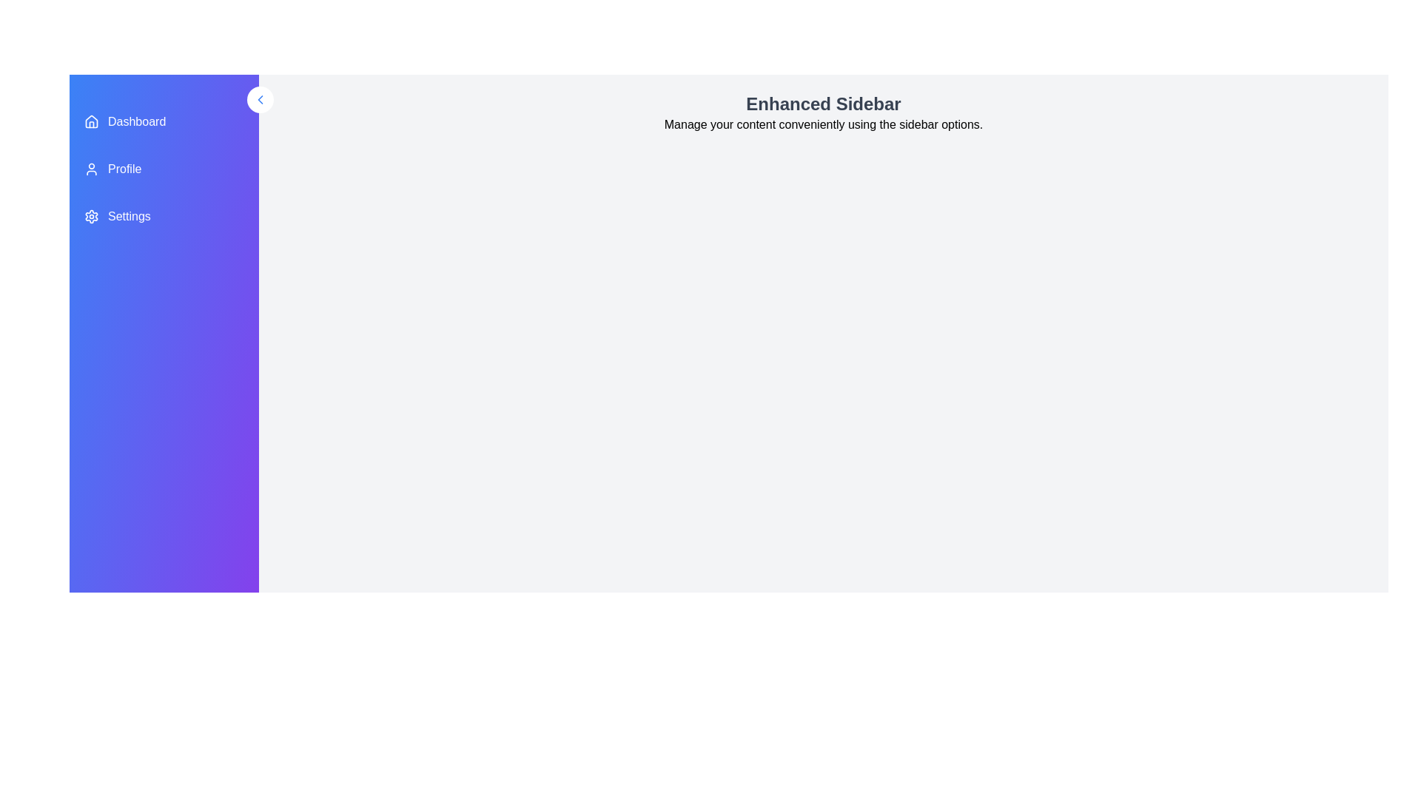 This screenshot has height=799, width=1421. I want to click on toggle button located at the top-right corner of the sidebar to toggle its visibility, so click(260, 100).